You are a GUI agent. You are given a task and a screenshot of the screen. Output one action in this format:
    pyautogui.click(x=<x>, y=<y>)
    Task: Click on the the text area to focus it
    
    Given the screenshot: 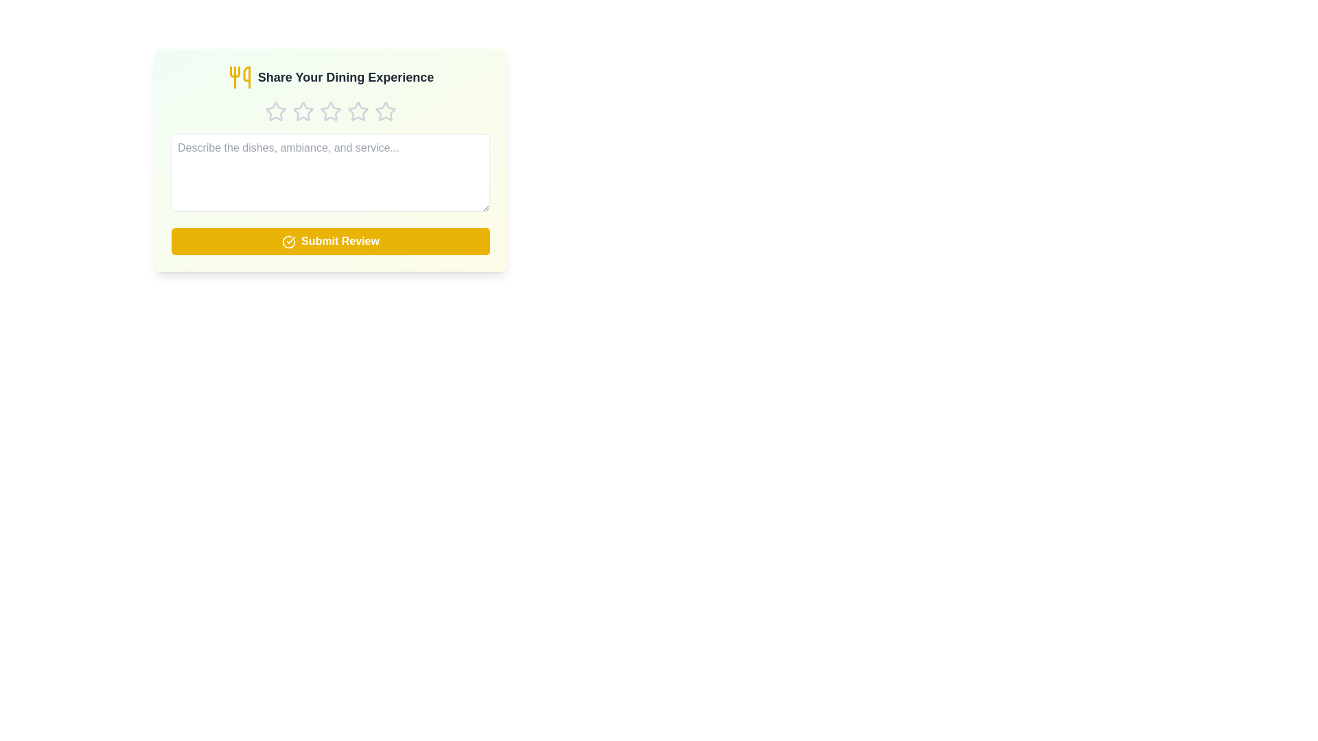 What is the action you would take?
    pyautogui.click(x=330, y=172)
    